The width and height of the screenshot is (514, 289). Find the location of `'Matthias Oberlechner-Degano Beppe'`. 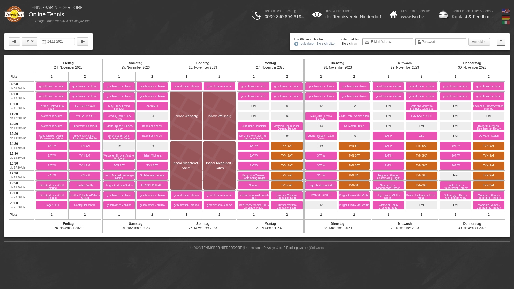

'Matthias Oberlechner-Degano Beppe' is located at coordinates (286, 126).